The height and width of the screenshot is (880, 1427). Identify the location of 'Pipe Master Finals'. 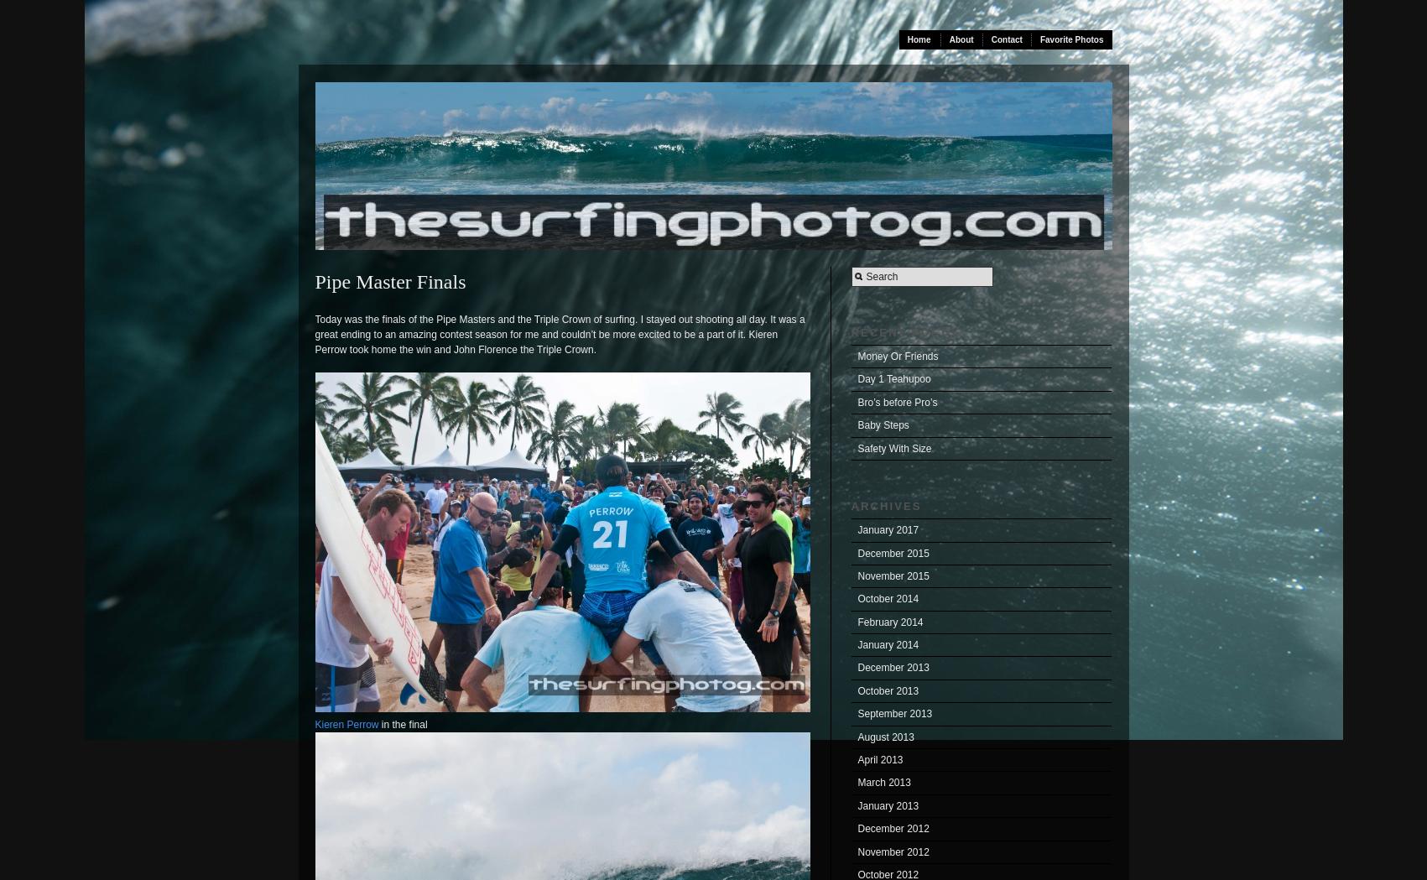
(389, 280).